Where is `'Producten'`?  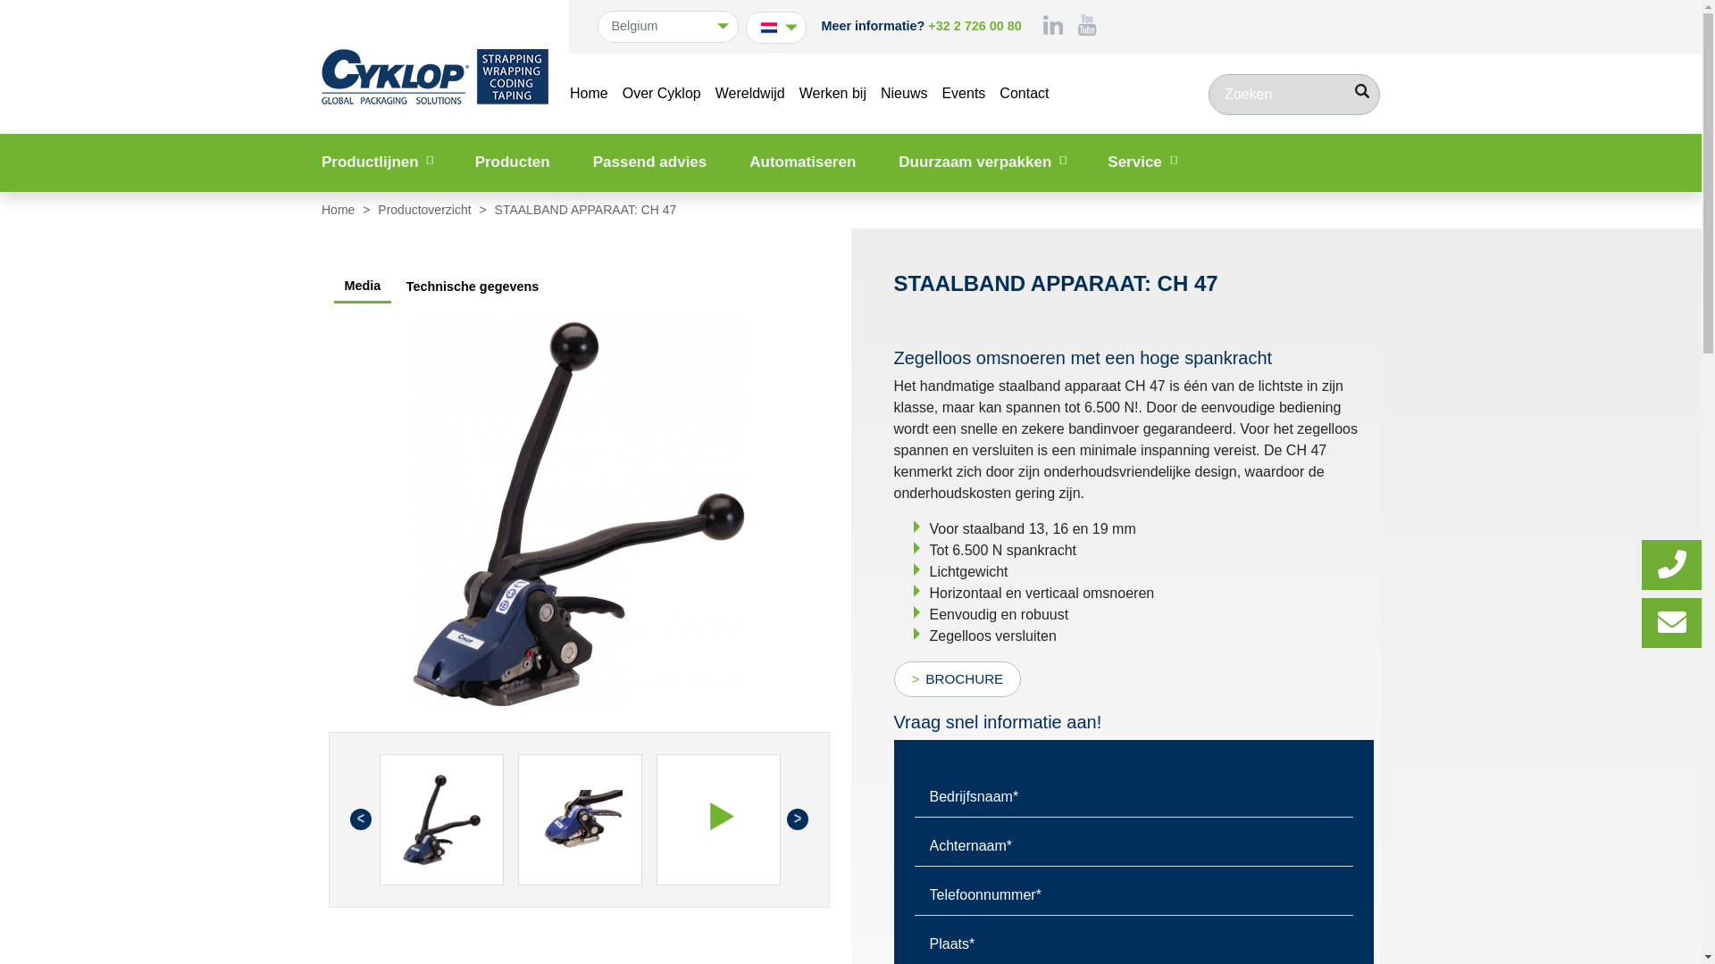 'Producten' is located at coordinates (512, 162).